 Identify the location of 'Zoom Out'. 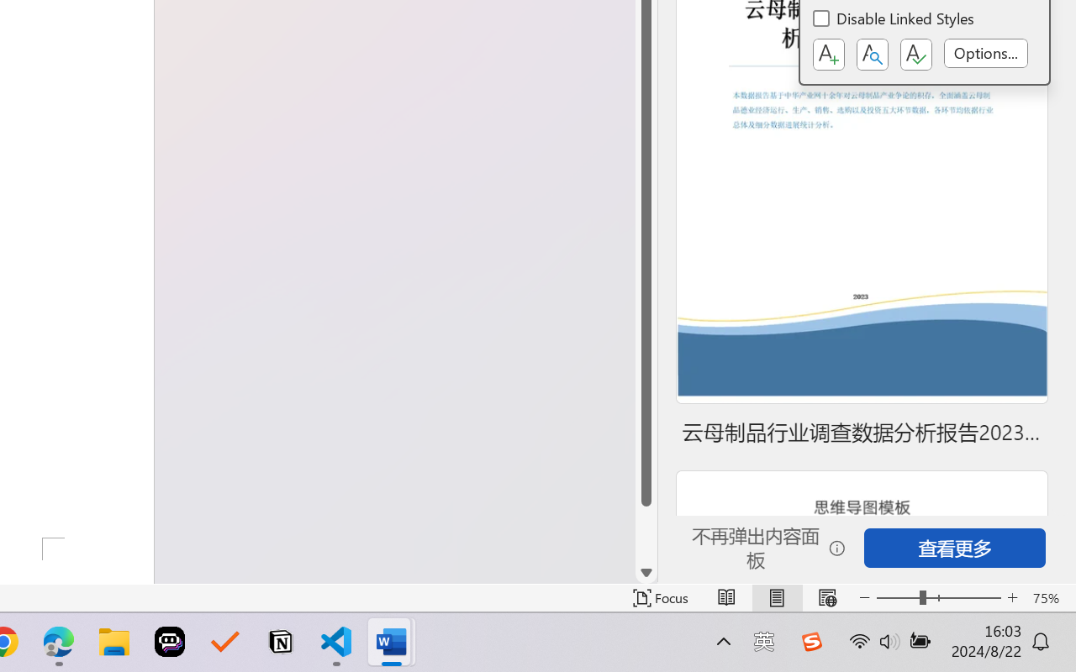
(897, 597).